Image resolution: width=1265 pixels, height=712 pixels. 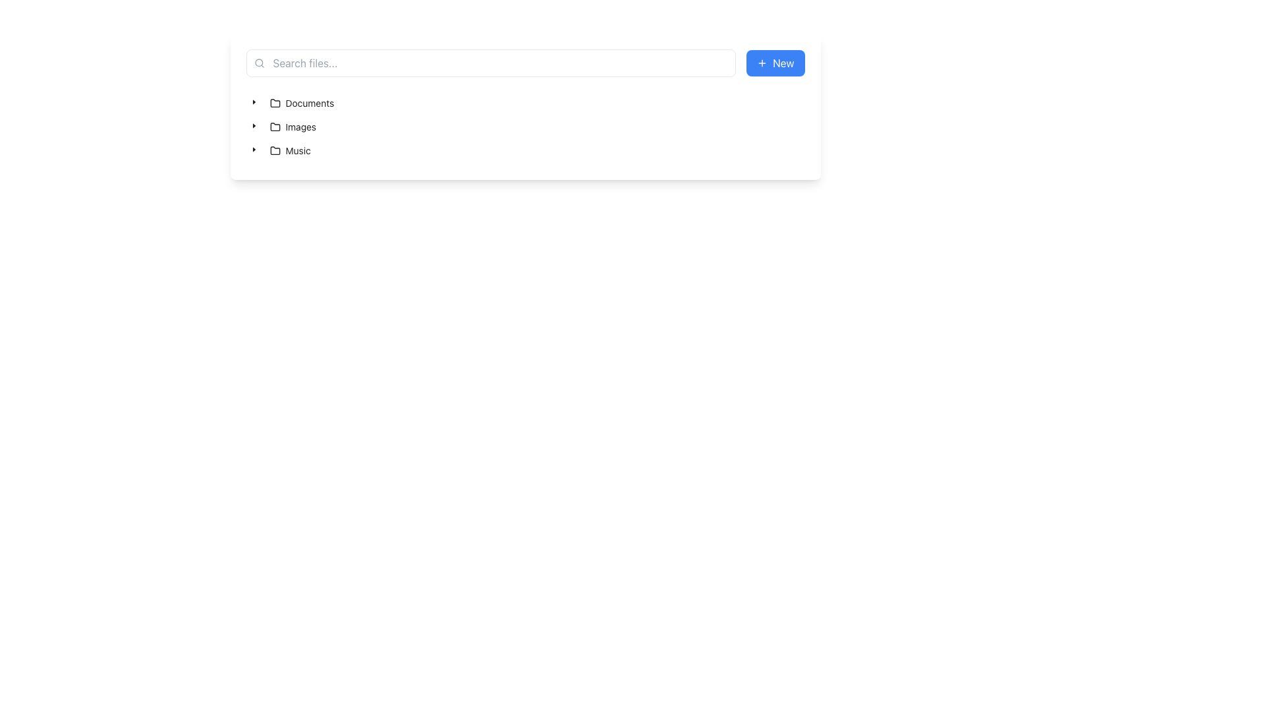 What do you see at coordinates (259, 63) in the screenshot?
I see `the gray magnifying glass icon, which is positioned on the left side of the search bar, aligning with the placeholder text 'Search files...'` at bounding box center [259, 63].